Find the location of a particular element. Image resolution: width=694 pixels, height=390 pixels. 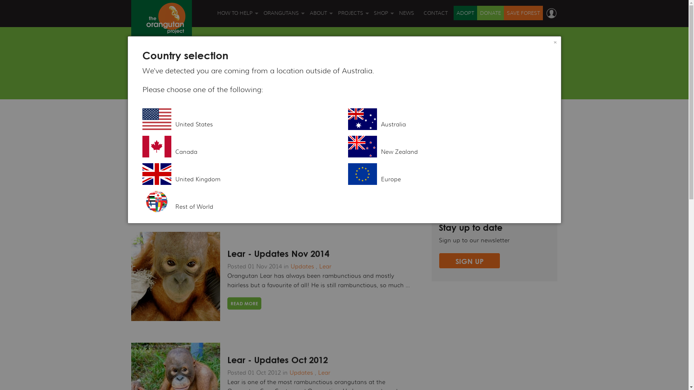

'ORANGUTAN THREATS' is located at coordinates (281, 53).